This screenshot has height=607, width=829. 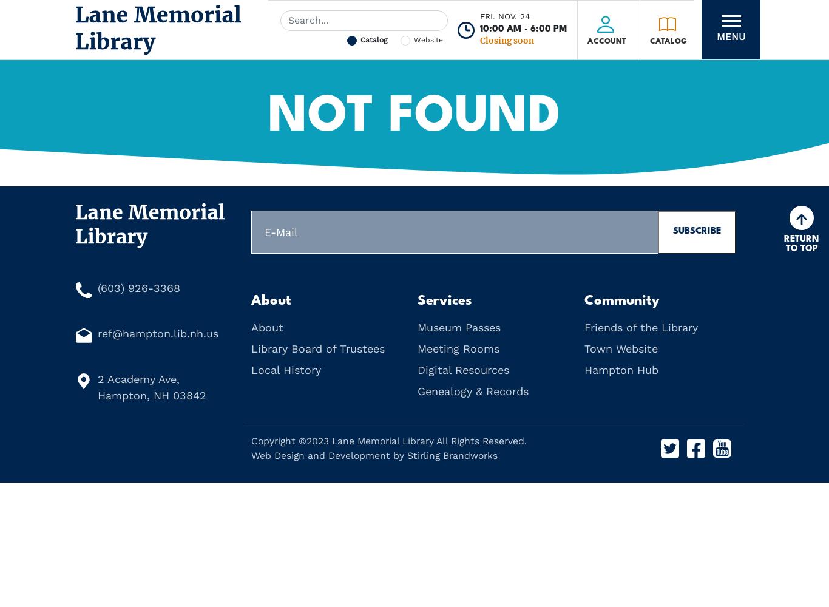 I want to click on 'Stirling Brandworks', so click(x=452, y=455).